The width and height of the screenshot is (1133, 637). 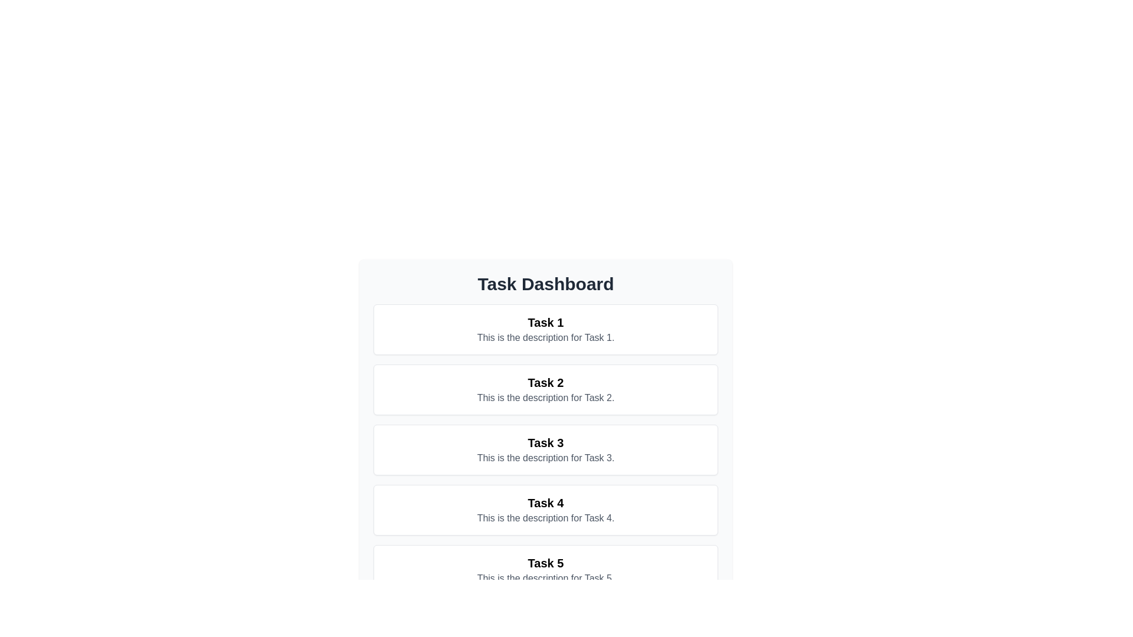 I want to click on the Information card presenting details about 'Task 1', which is the first item in a vertical list of similar cards, so click(x=545, y=330).